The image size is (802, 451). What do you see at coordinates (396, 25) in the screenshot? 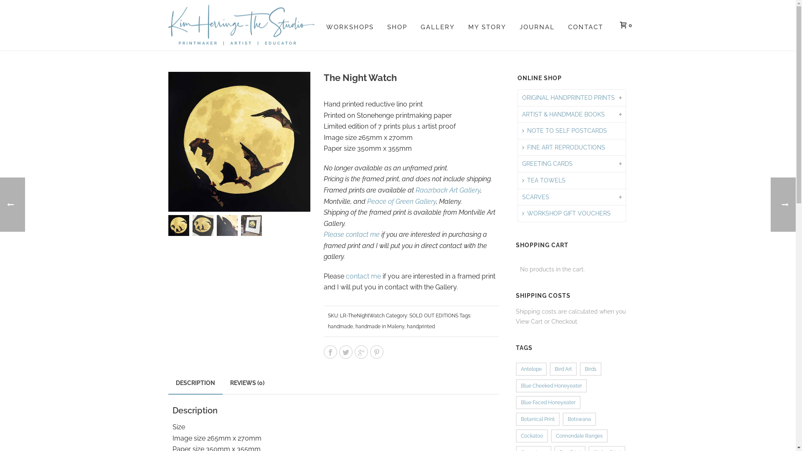
I see `'SHOP'` at bounding box center [396, 25].